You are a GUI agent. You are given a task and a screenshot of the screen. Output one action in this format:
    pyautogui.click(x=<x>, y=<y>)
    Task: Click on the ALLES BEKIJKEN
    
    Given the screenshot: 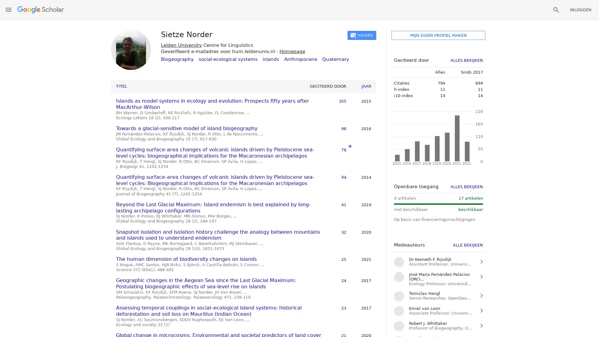 What is the action you would take?
    pyautogui.click(x=467, y=60)
    